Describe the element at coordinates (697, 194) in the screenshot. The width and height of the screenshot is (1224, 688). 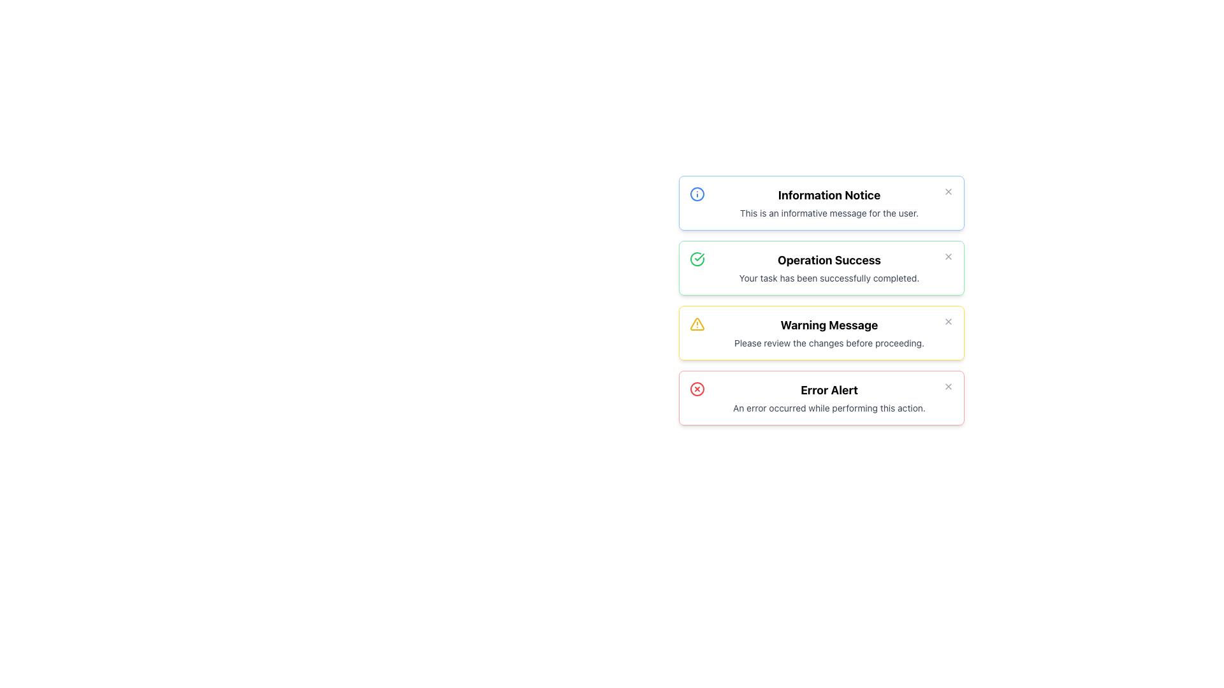
I see `the informational icon located at the top-left corner of the 'Information Notice' message box` at that location.